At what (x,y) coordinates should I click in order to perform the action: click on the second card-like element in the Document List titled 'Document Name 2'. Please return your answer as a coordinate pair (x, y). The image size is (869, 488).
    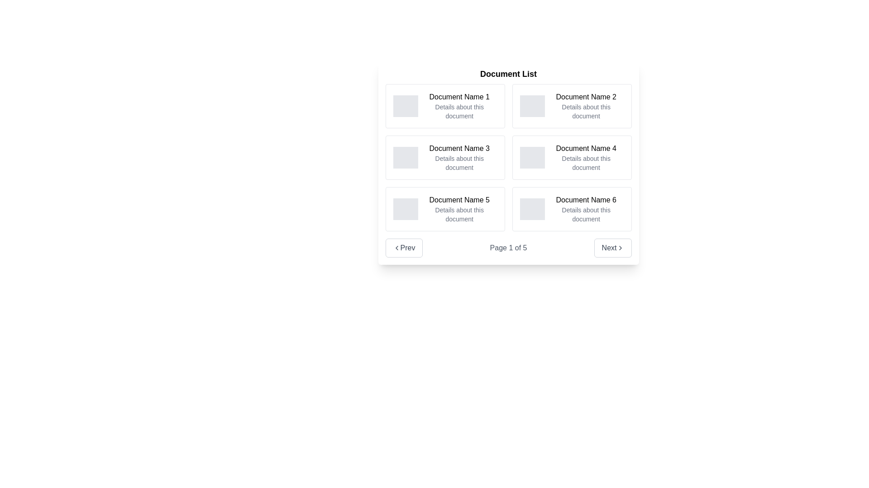
    Looking at the image, I should click on (571, 106).